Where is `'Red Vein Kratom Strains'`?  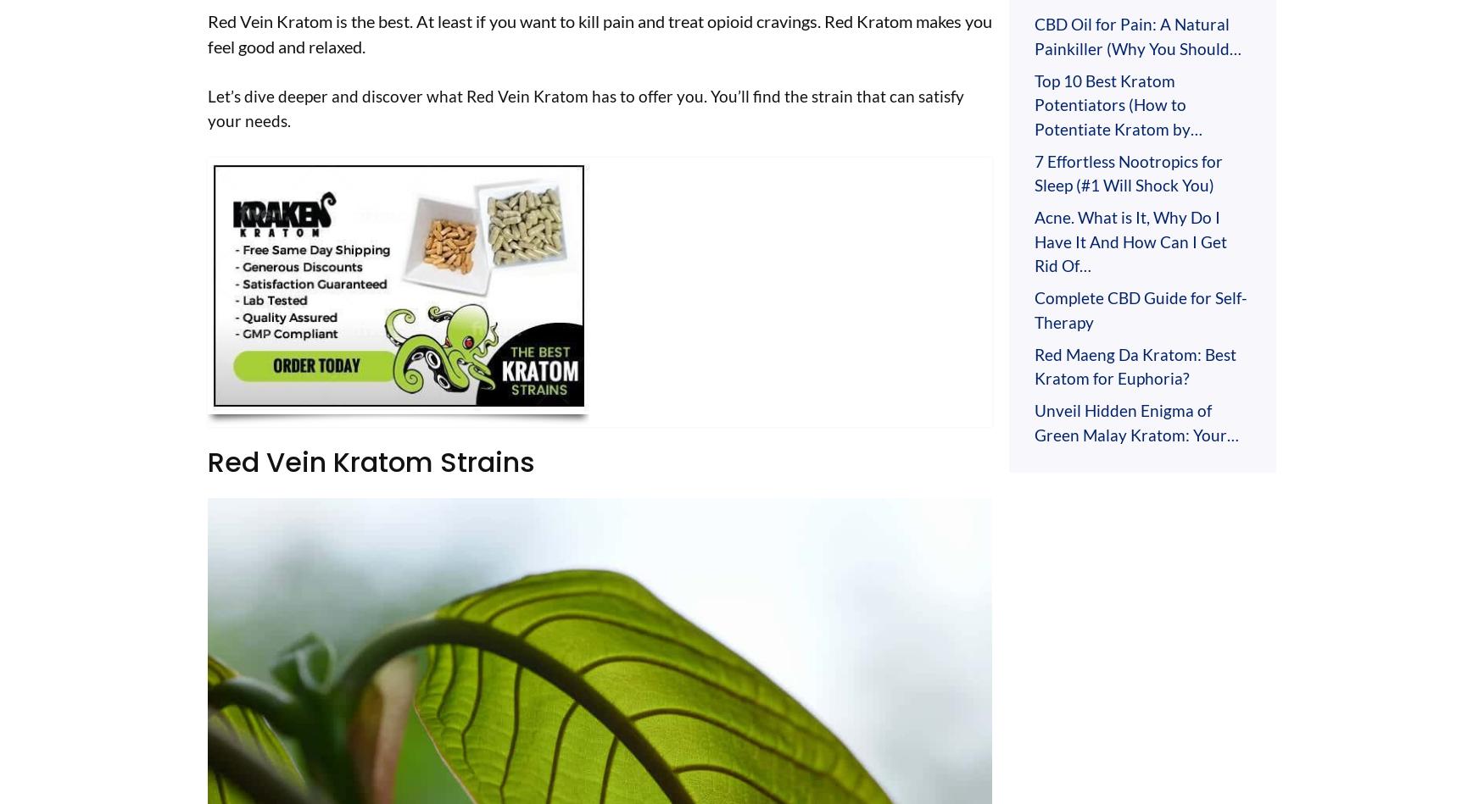 'Red Vein Kratom Strains' is located at coordinates (371, 460).